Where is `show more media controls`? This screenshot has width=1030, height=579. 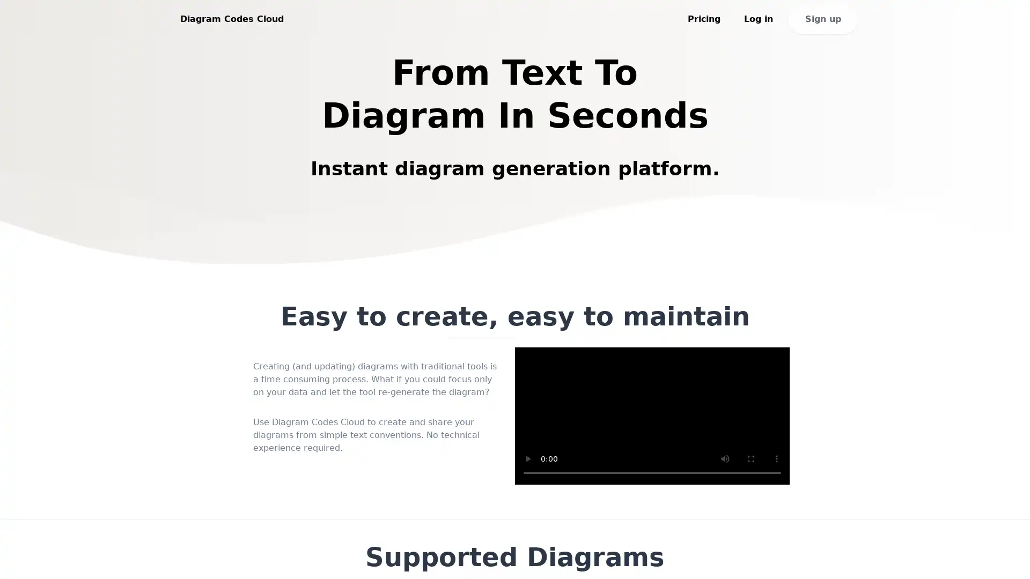
show more media controls is located at coordinates (777, 458).